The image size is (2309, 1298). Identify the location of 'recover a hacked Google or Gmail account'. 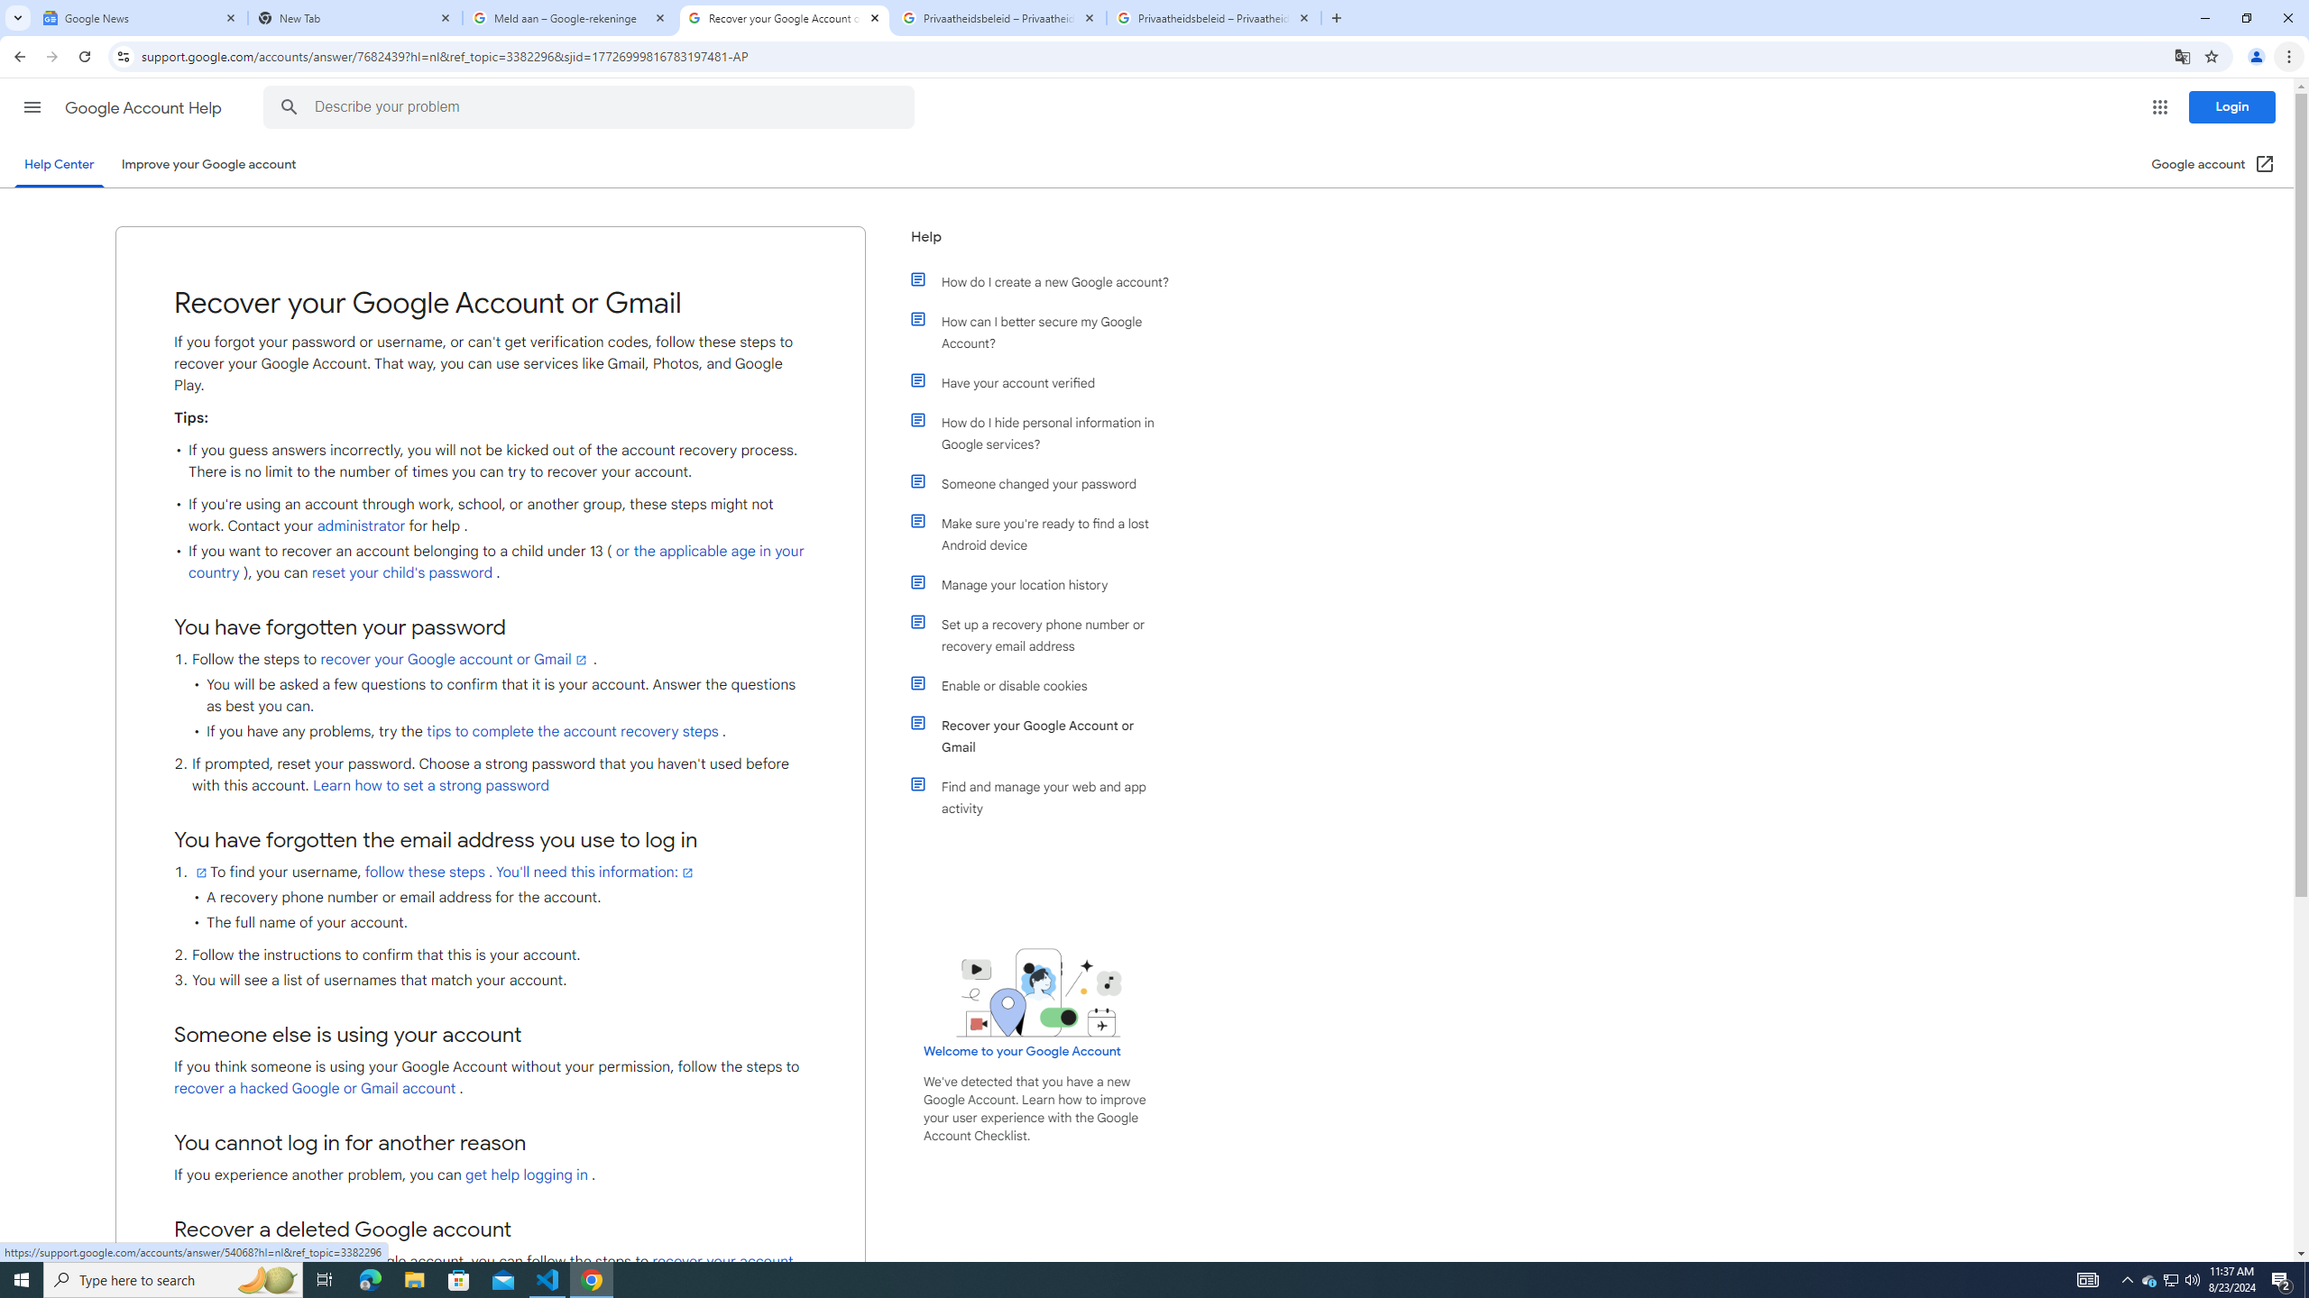
(314, 1088).